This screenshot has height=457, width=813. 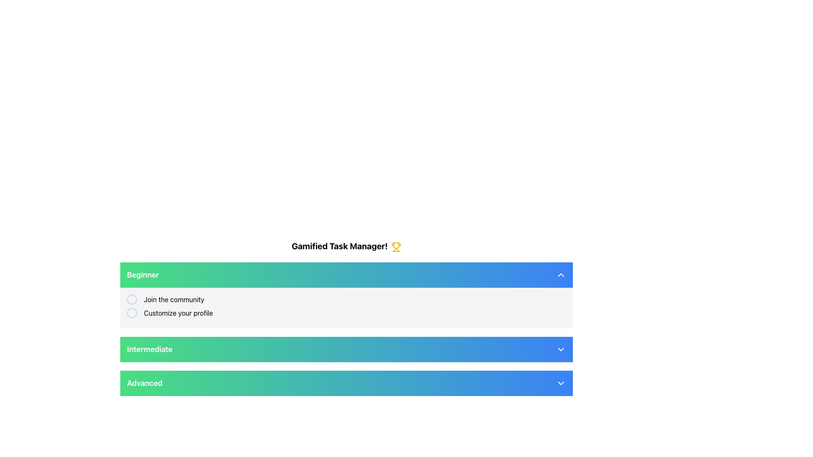 I want to click on the radio button that allows the user to join a community, positioned above the 'Customize your profile' element in the 'Gamified Task Manager!' interface, so click(x=346, y=299).